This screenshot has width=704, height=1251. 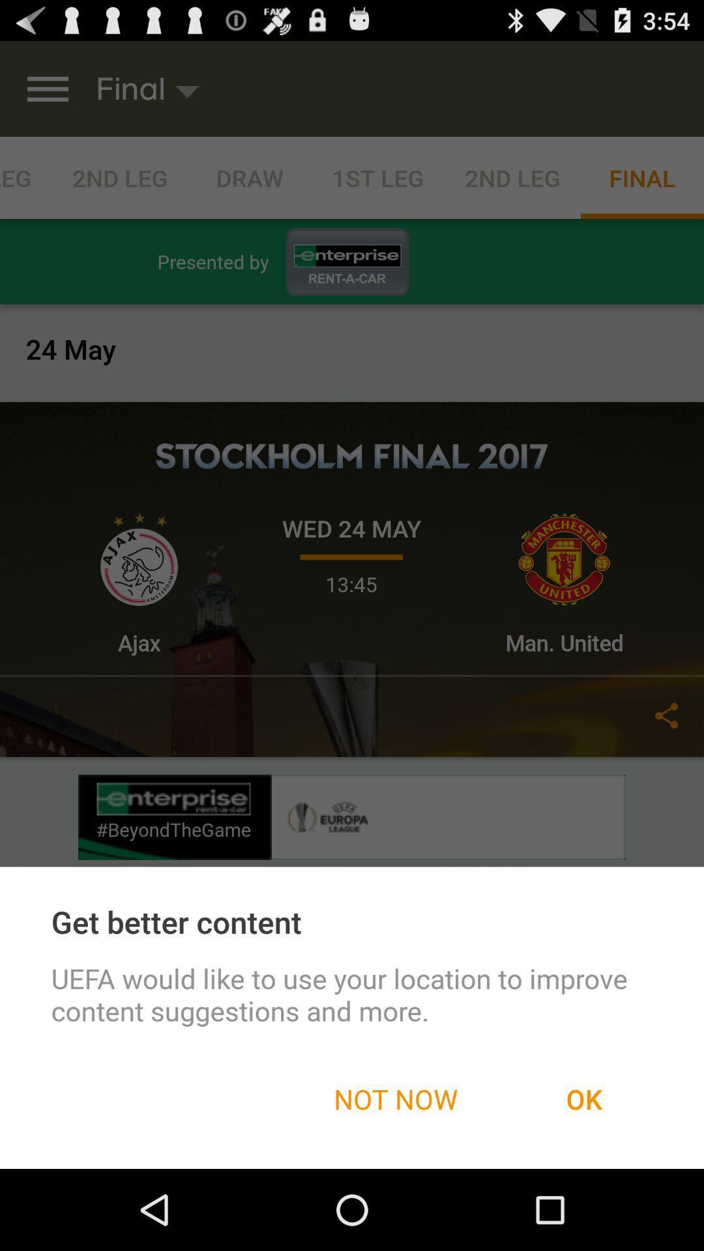 I want to click on icon to the right of the not now item, so click(x=583, y=1098).